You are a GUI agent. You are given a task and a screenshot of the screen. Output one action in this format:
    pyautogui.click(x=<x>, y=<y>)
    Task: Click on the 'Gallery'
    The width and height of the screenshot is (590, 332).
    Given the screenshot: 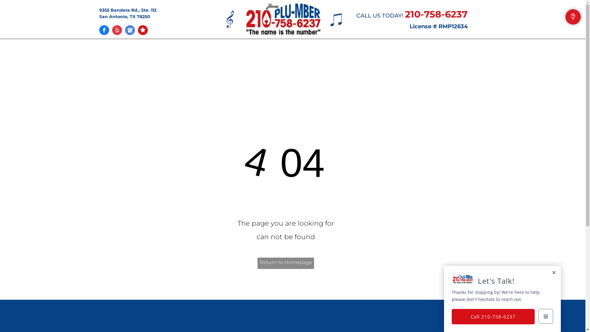 What is the action you would take?
    pyautogui.click(x=357, y=51)
    